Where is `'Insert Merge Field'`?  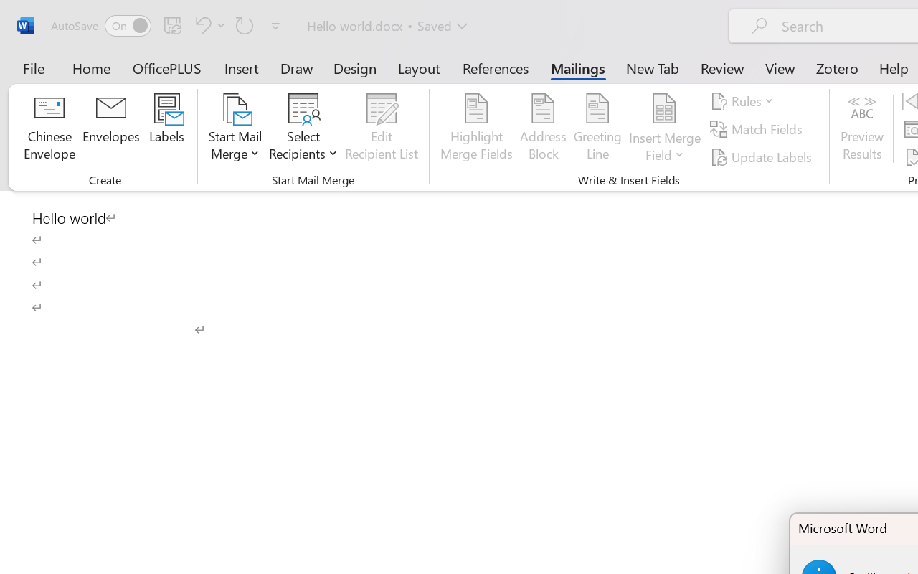
'Insert Merge Field' is located at coordinates (664, 128).